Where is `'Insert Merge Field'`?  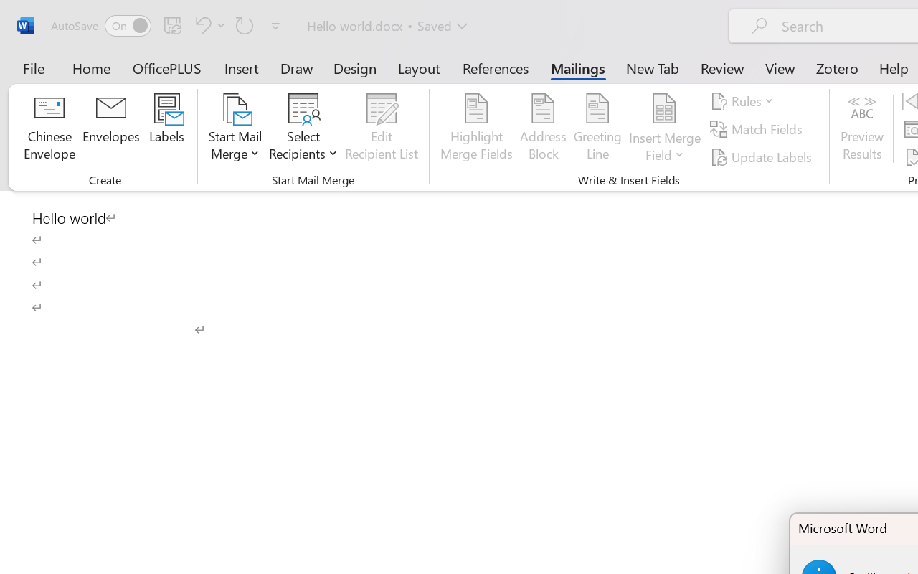
'Insert Merge Field' is located at coordinates (664, 128).